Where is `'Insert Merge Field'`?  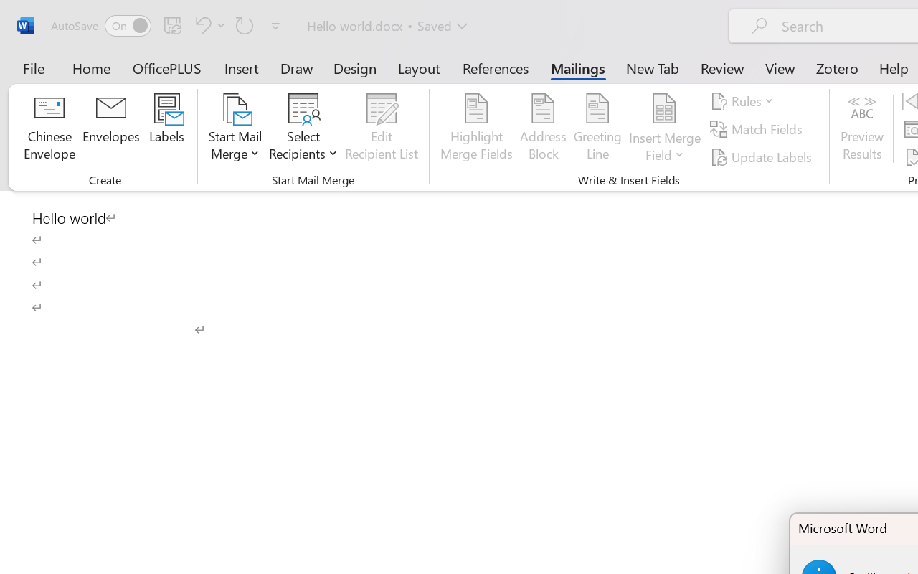
'Insert Merge Field' is located at coordinates (664, 128).